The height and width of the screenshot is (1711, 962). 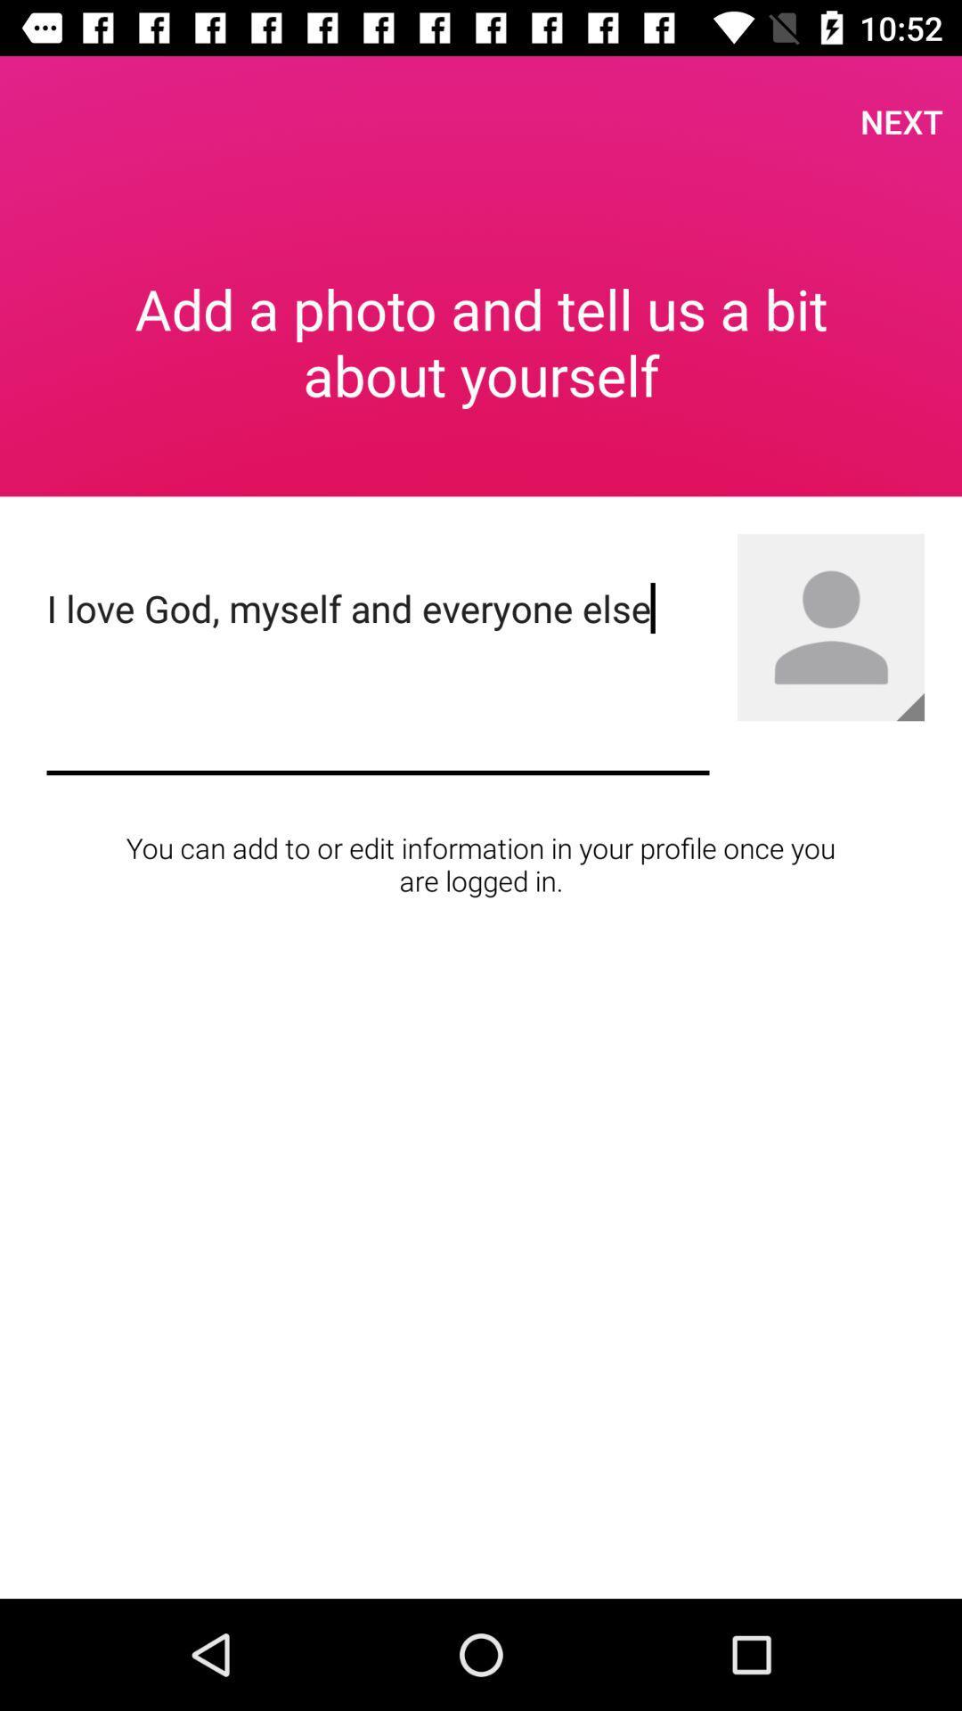 I want to click on item below the add a photo item, so click(x=377, y=674).